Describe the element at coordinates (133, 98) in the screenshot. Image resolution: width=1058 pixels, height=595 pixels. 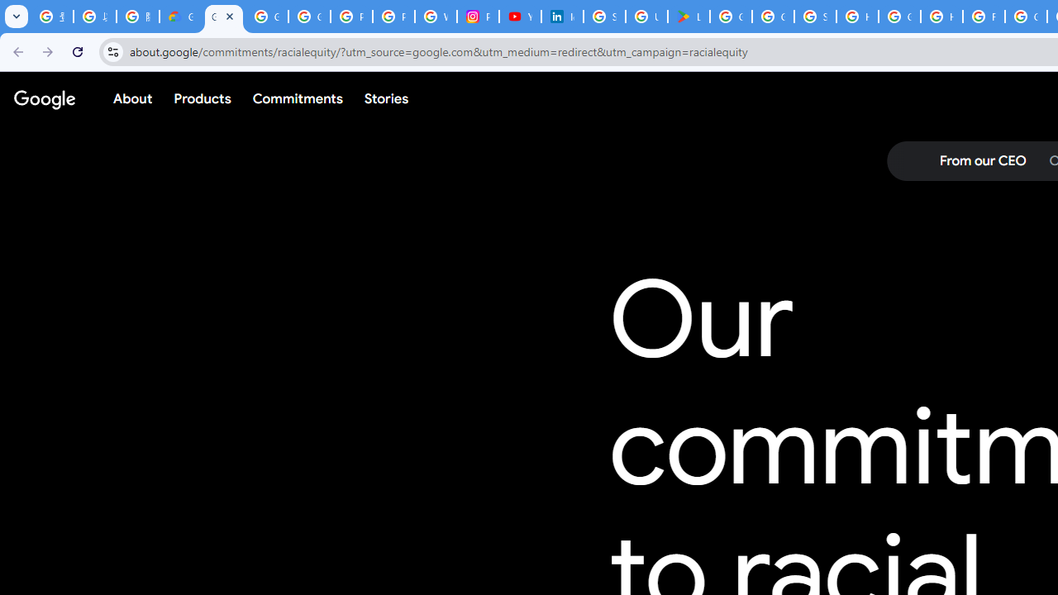
I see `'About'` at that location.